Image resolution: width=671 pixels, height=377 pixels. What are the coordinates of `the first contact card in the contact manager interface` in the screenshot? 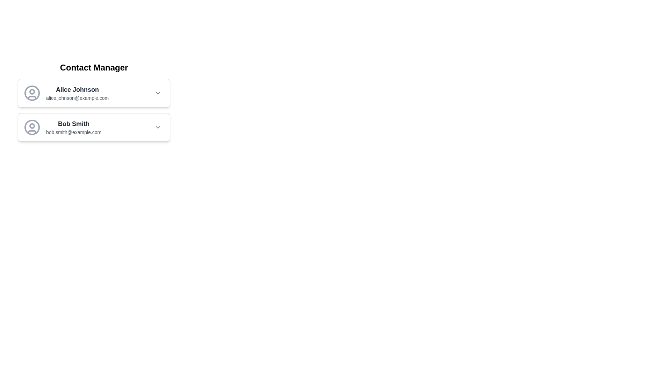 It's located at (93, 93).